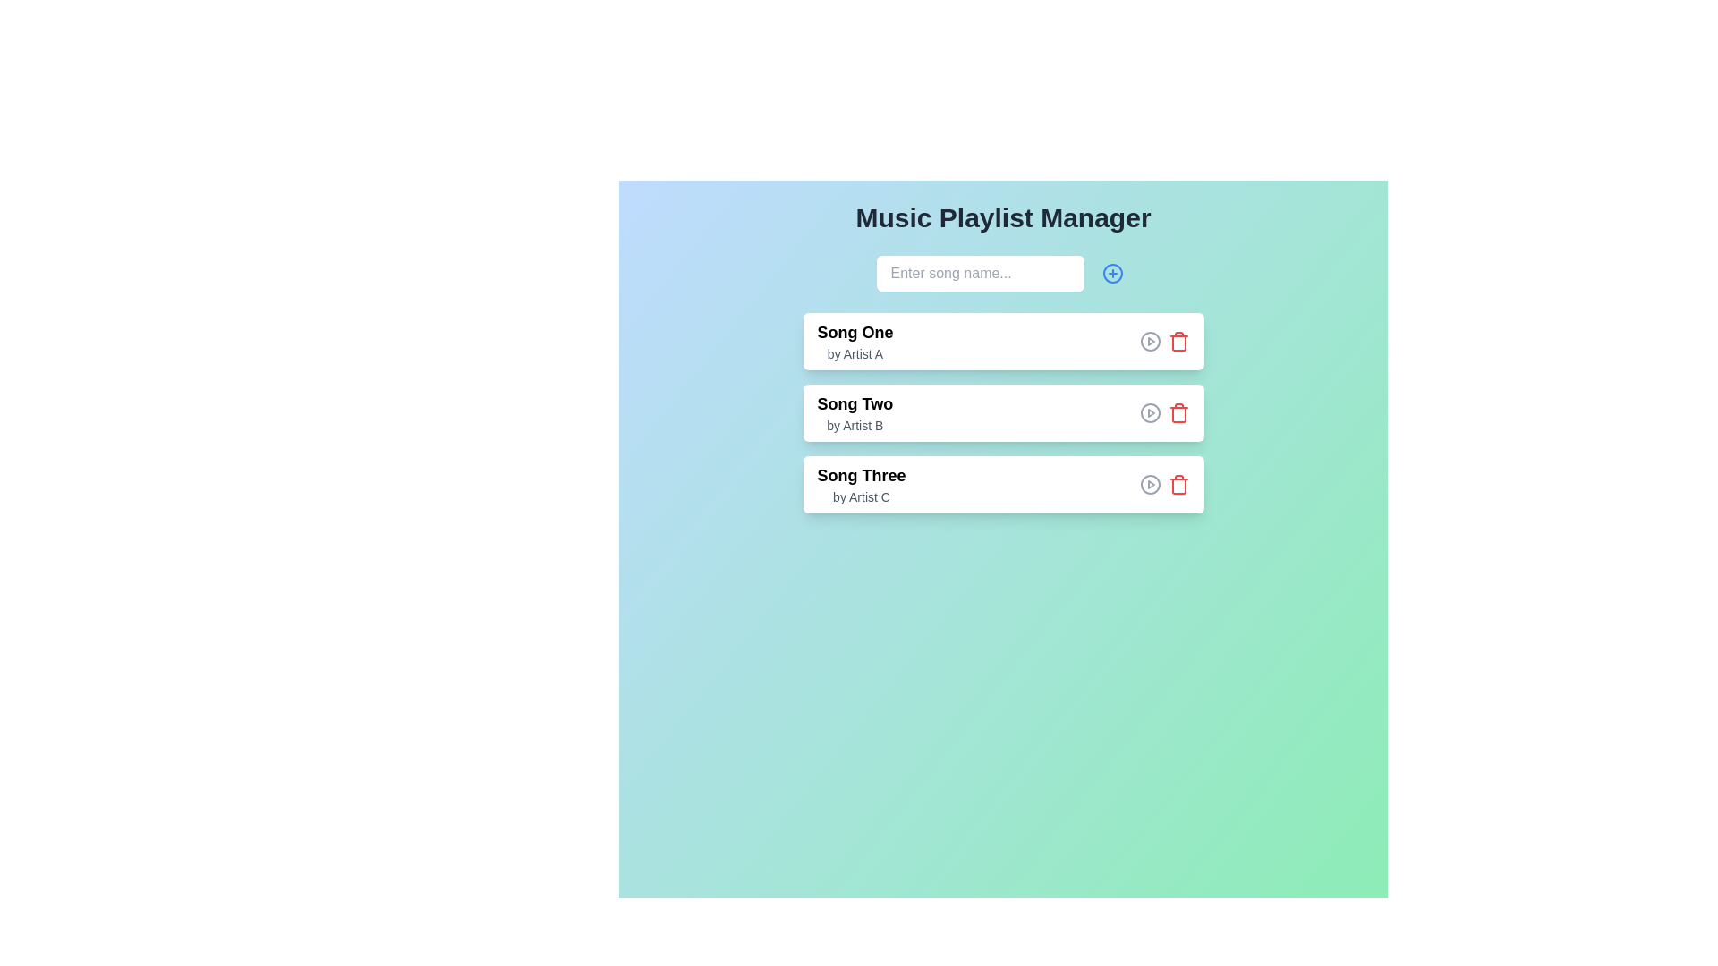  What do you see at coordinates (1111, 273) in the screenshot?
I see `the circular button with a blue border and blue plus sign` at bounding box center [1111, 273].